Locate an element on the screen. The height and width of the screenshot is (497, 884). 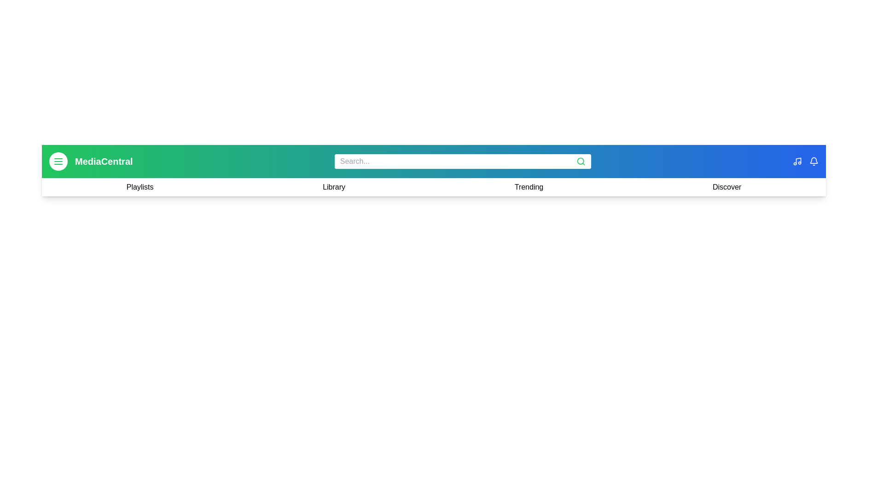
the navigation link Trending is located at coordinates (529, 187).